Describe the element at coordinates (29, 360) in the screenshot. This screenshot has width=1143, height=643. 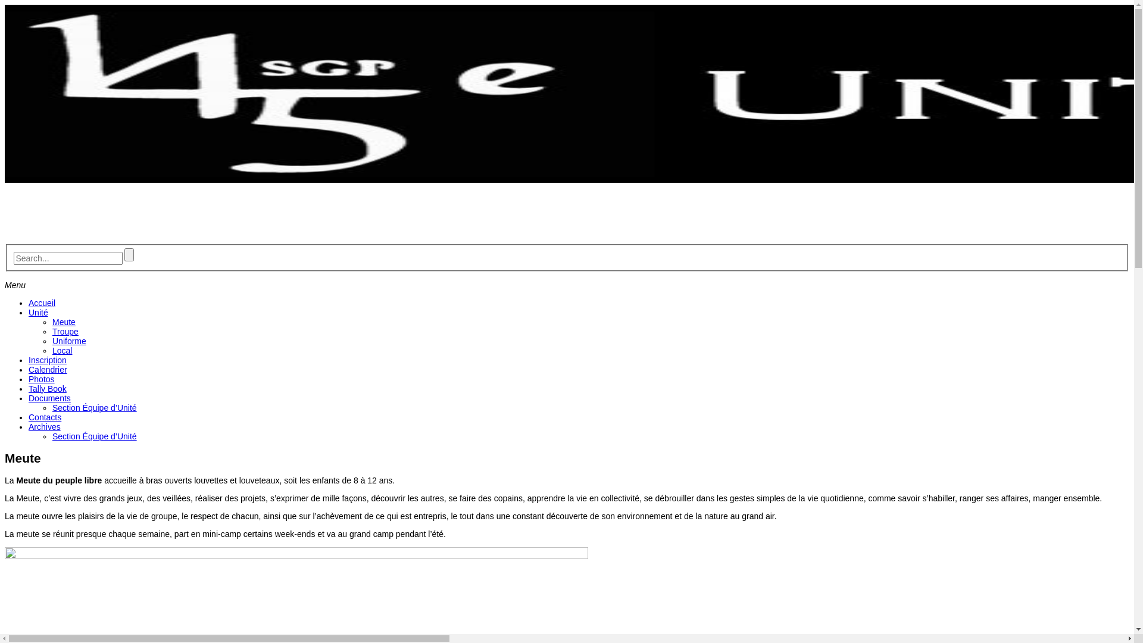
I see `'Inscription'` at that location.